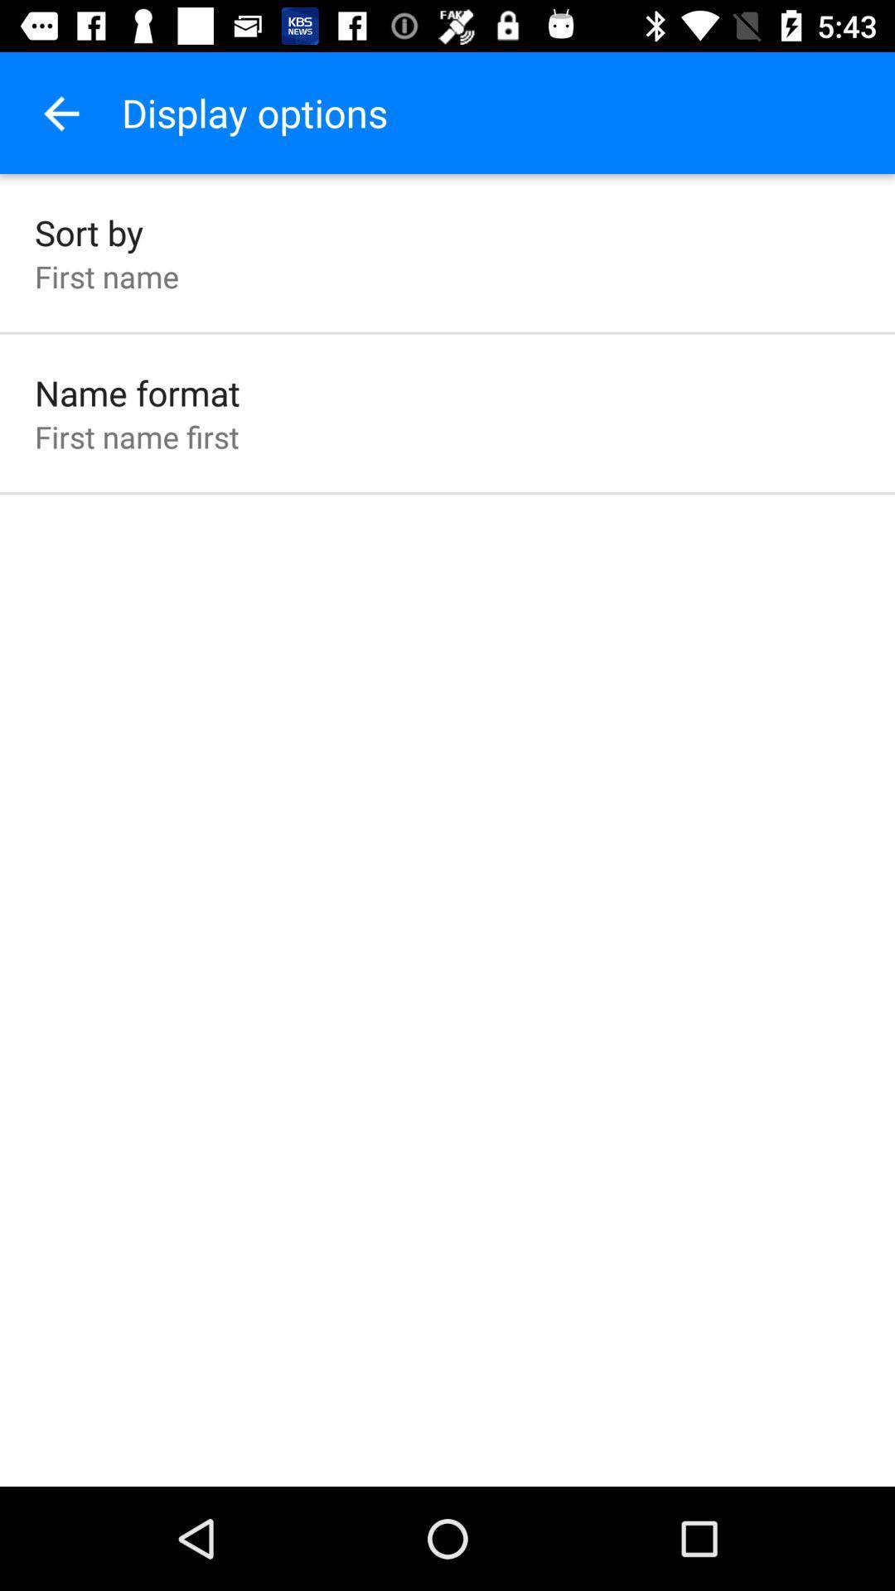 Image resolution: width=895 pixels, height=1591 pixels. Describe the element at coordinates (136, 392) in the screenshot. I see `name format icon` at that location.